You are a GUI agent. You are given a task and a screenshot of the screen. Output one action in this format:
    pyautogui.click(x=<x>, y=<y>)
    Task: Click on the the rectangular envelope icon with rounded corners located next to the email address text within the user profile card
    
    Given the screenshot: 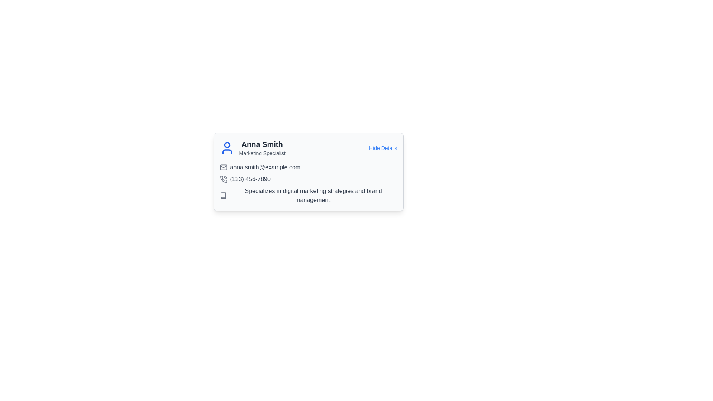 What is the action you would take?
    pyautogui.click(x=223, y=167)
    